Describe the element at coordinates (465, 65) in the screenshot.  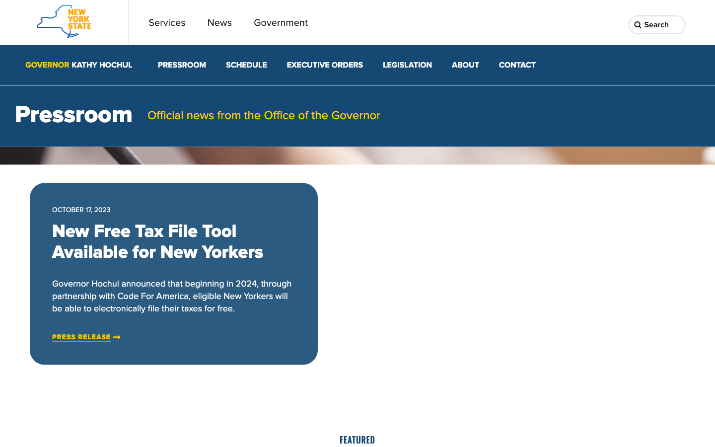
I see `the second item from the About dropdown menu` at that location.